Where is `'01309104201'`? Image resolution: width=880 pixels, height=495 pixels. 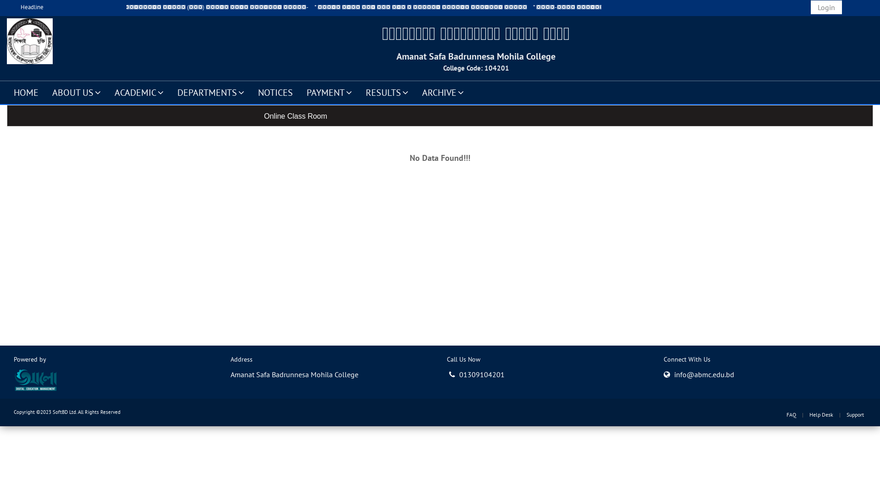 '01309104201' is located at coordinates (477, 374).